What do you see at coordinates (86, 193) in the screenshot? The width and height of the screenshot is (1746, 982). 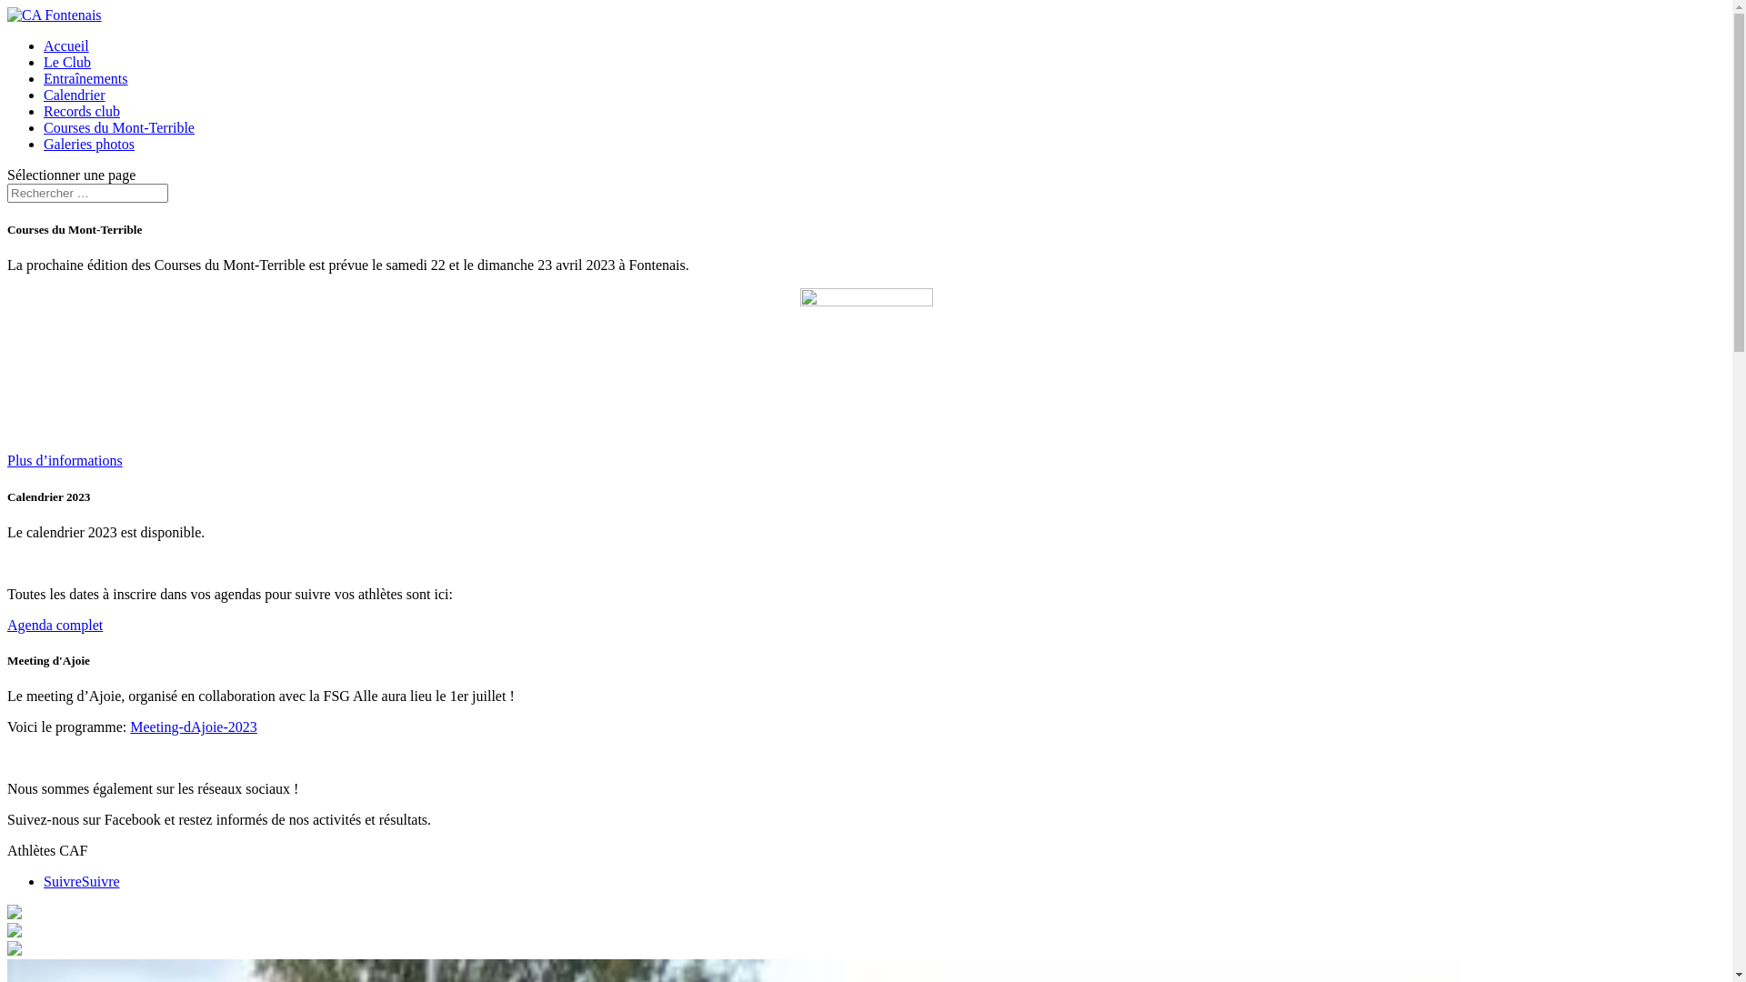 I see `'Rechercher:'` at bounding box center [86, 193].